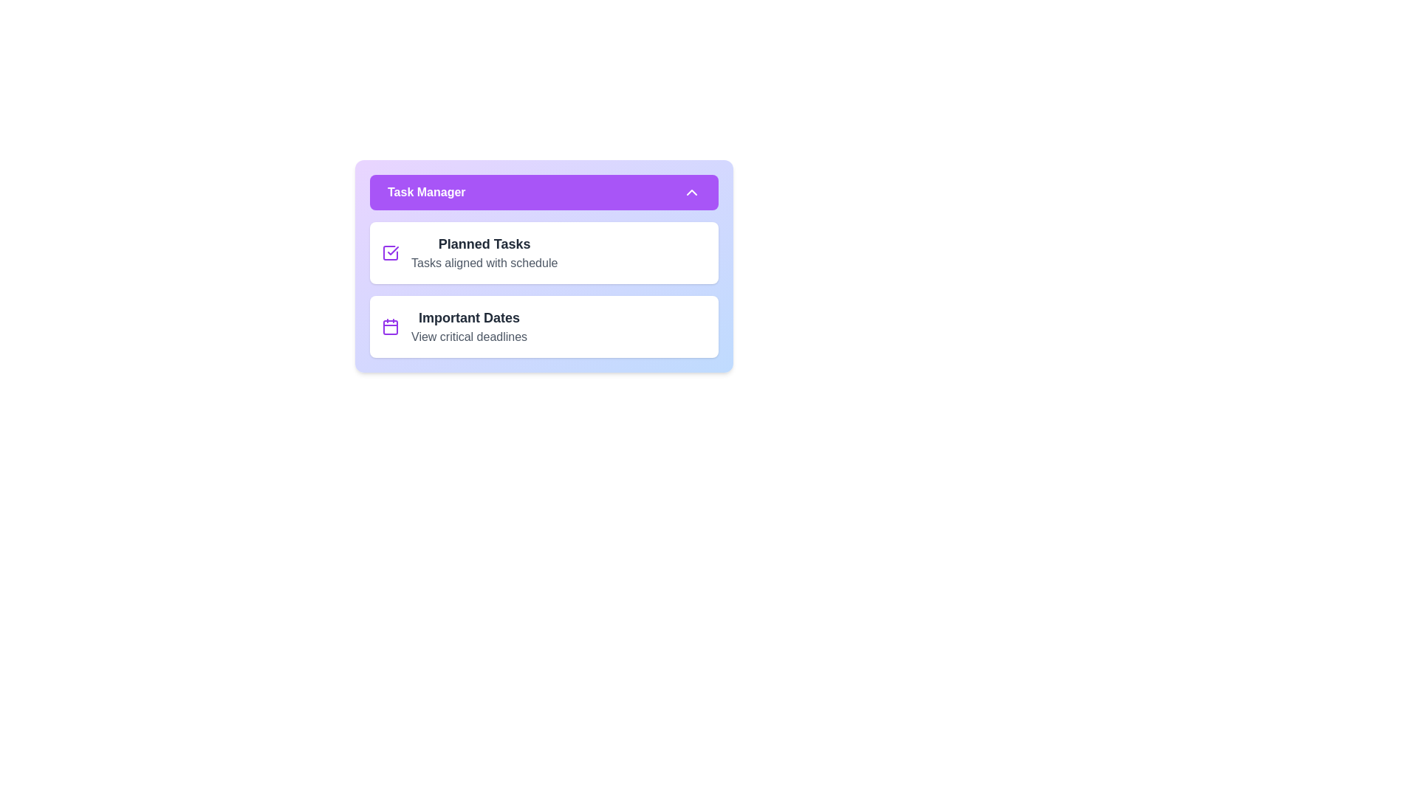  What do you see at coordinates (544, 192) in the screenshot?
I see `the 'Task Manager' button to toggle the visibility of the task categories` at bounding box center [544, 192].